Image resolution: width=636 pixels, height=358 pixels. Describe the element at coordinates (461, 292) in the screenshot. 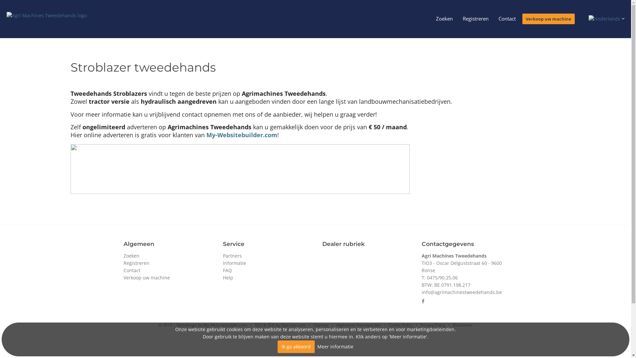

I see `'info@agrimachinestweedehands.be'` at that location.